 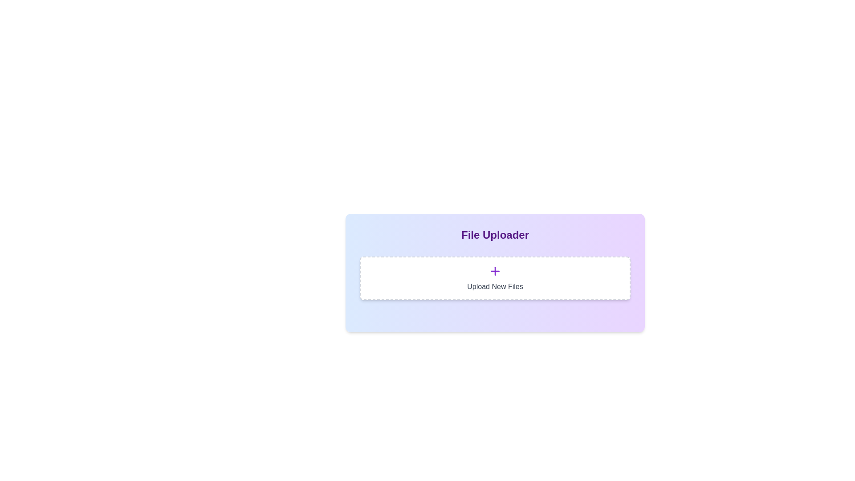 I want to click on the upload icon button, which is centrally located above the text 'Upload New Files' within a bordered box with dashed lines, so click(x=495, y=271).